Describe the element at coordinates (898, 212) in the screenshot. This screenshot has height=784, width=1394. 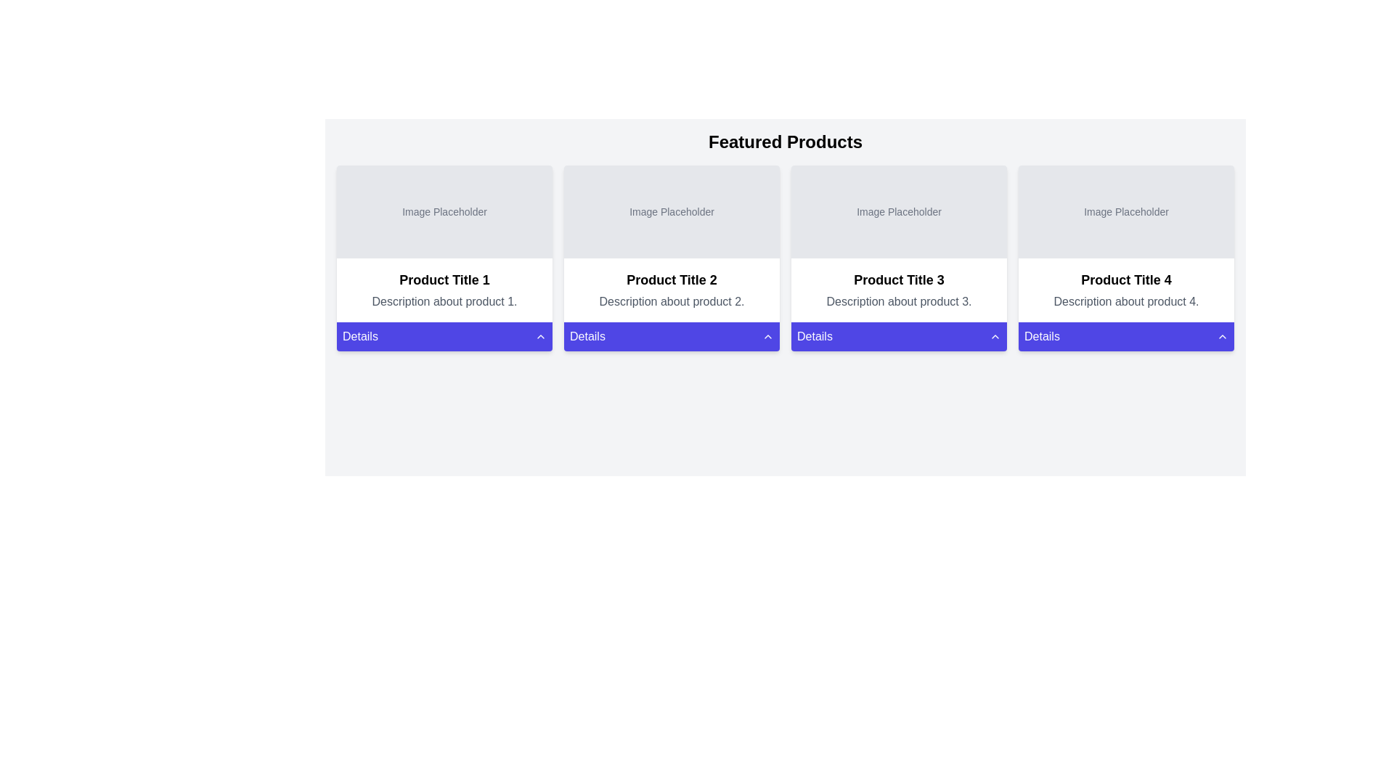
I see `the static text label that indicates a placeholder for an image, located in the top-center area of the third product card in a grid layout` at that location.